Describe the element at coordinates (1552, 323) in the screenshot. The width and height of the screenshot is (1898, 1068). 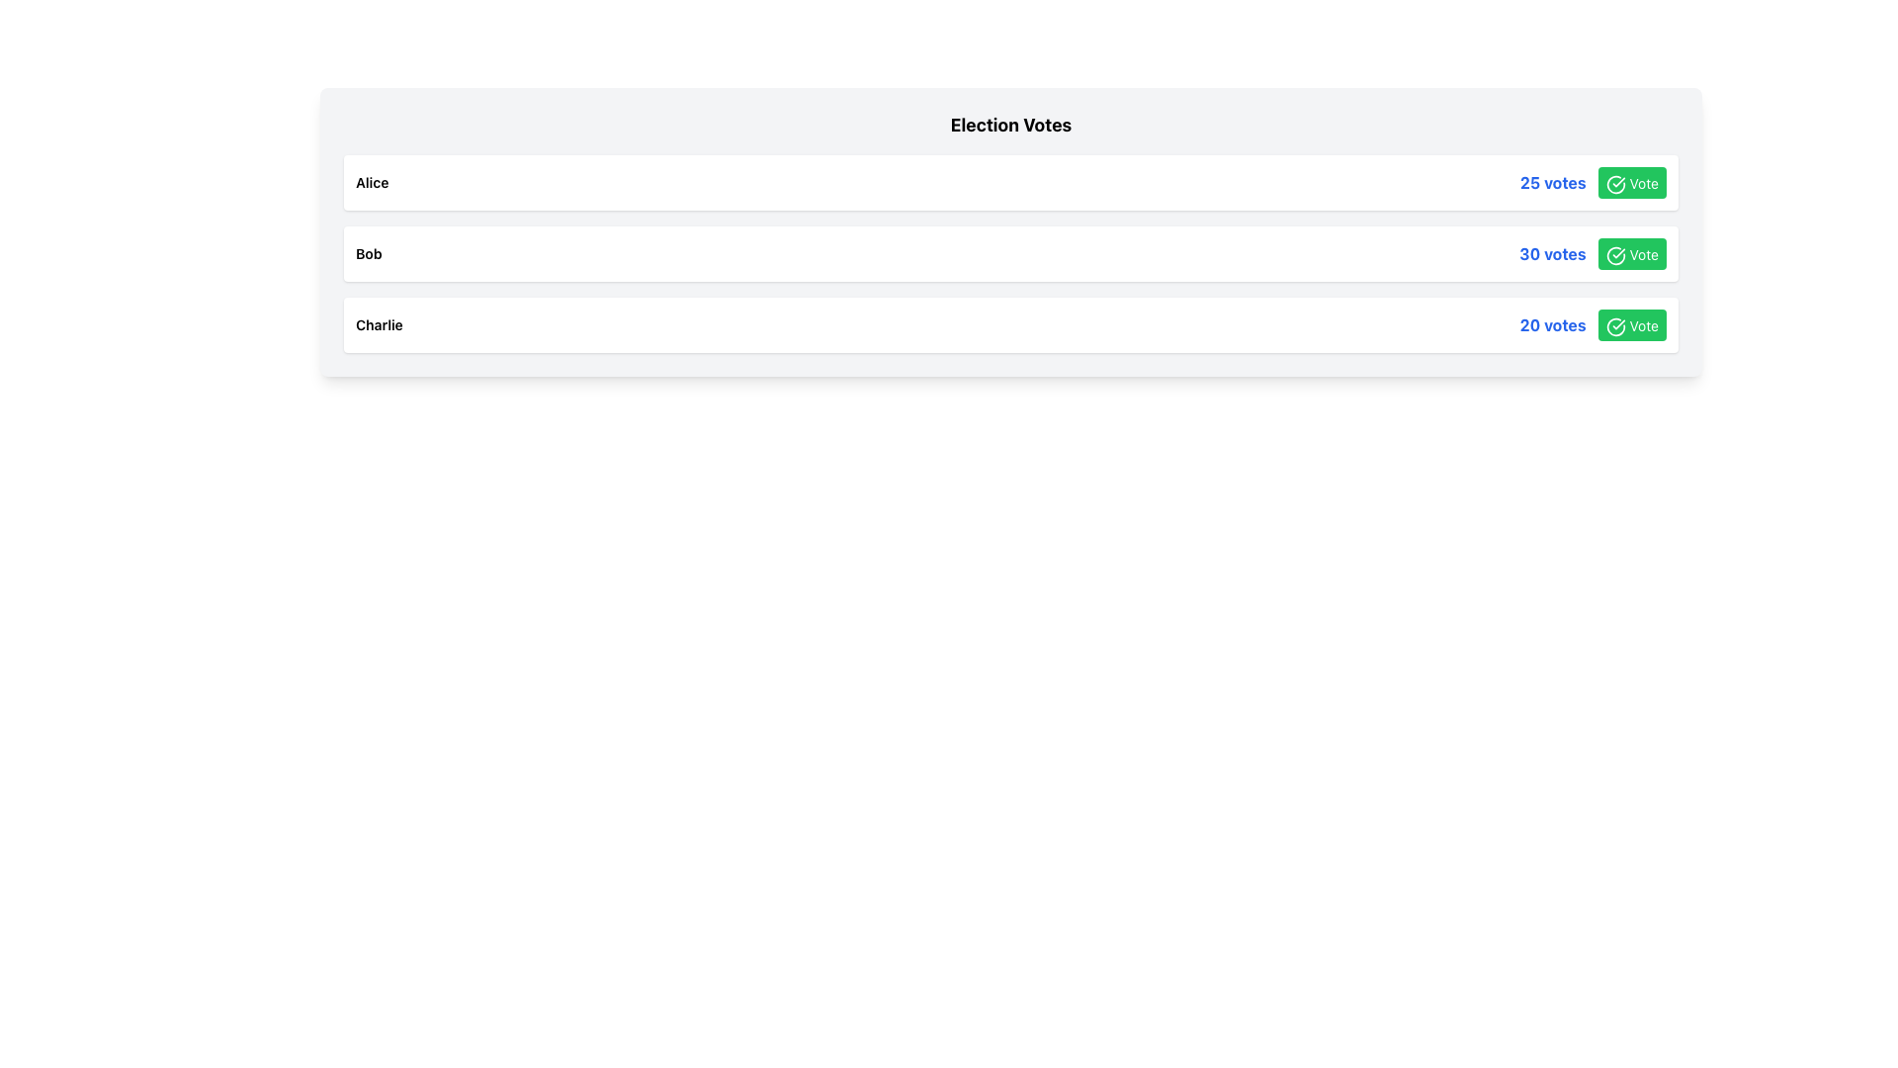
I see `the text label displaying the vote count for the third row's entity, which is positioned to the left of the 'Vote' button and adjacent to the vote check icon` at that location.